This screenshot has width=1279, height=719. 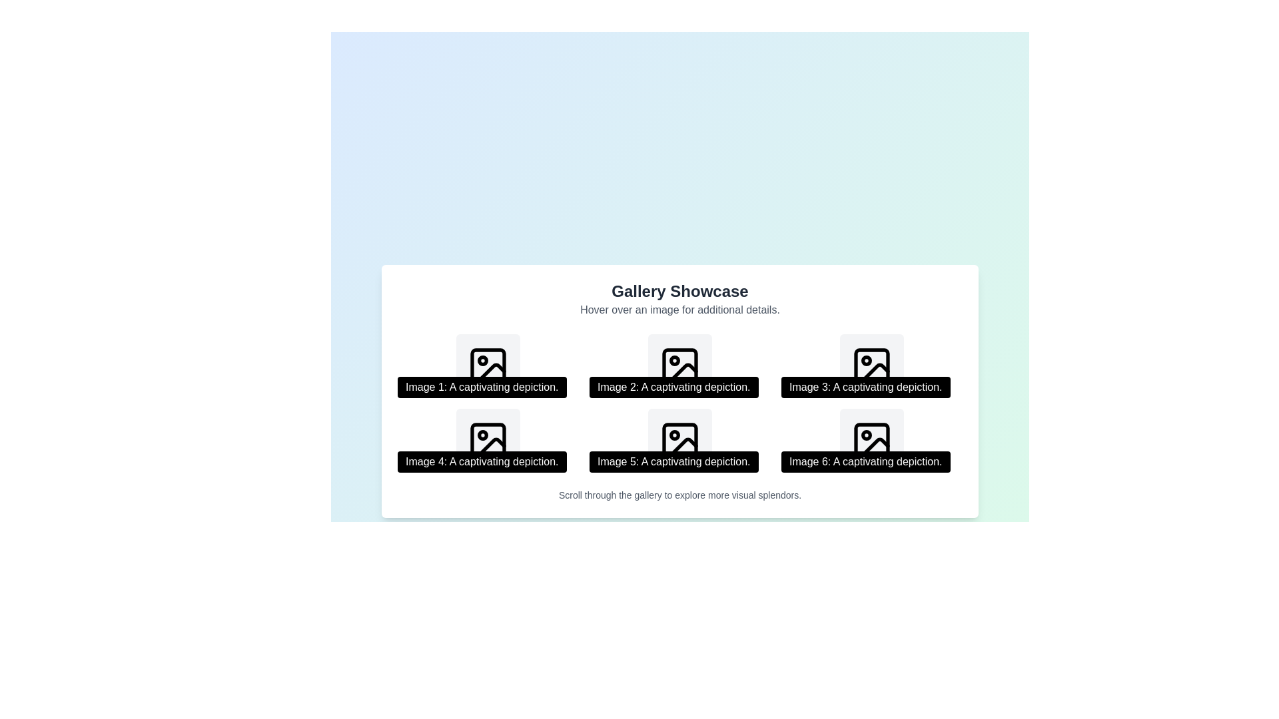 What do you see at coordinates (482, 435) in the screenshot?
I see `the Decorative circle located within the fourth image icon in the second row of the gallery` at bounding box center [482, 435].